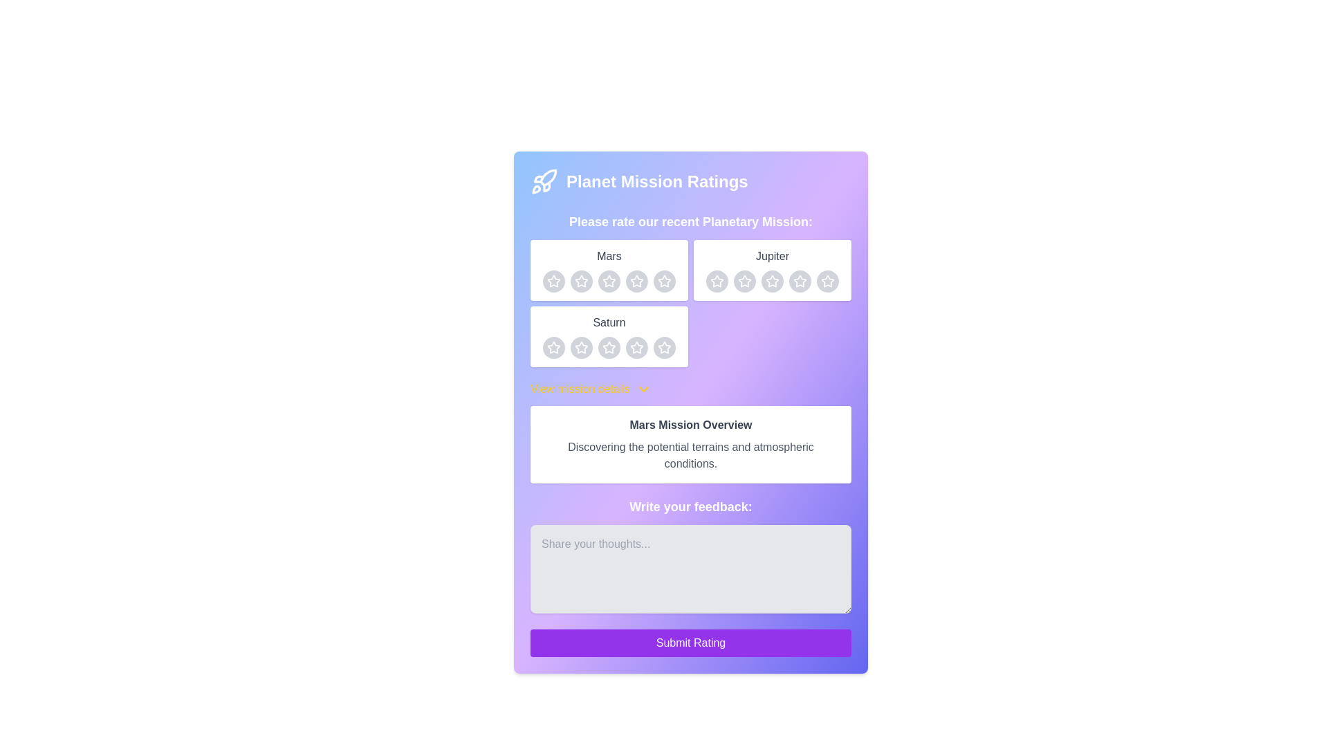 The height and width of the screenshot is (747, 1328). What do you see at coordinates (581, 347) in the screenshot?
I see `the third rating star icon with a gray background and a white star in the center, located under the label 'Saturn'` at bounding box center [581, 347].